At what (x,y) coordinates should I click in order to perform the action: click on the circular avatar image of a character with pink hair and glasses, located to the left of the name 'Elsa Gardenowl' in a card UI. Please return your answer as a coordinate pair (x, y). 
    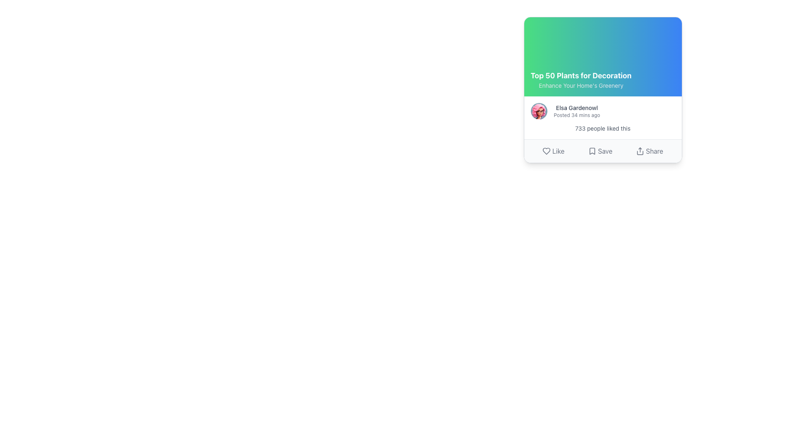
    Looking at the image, I should click on (539, 111).